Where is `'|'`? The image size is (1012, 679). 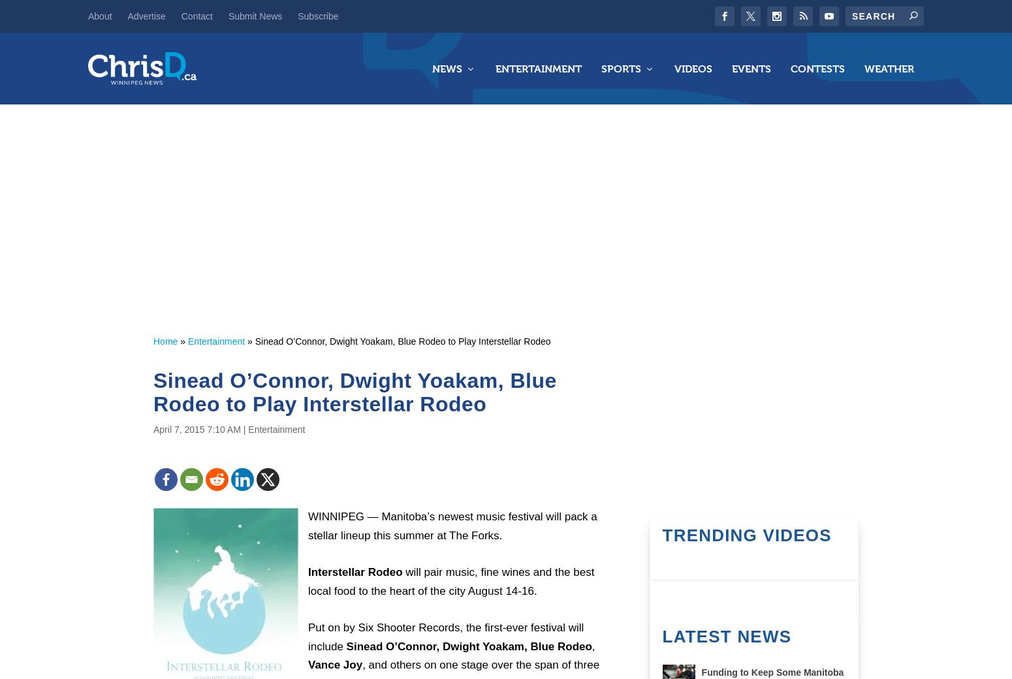 '|' is located at coordinates (244, 428).